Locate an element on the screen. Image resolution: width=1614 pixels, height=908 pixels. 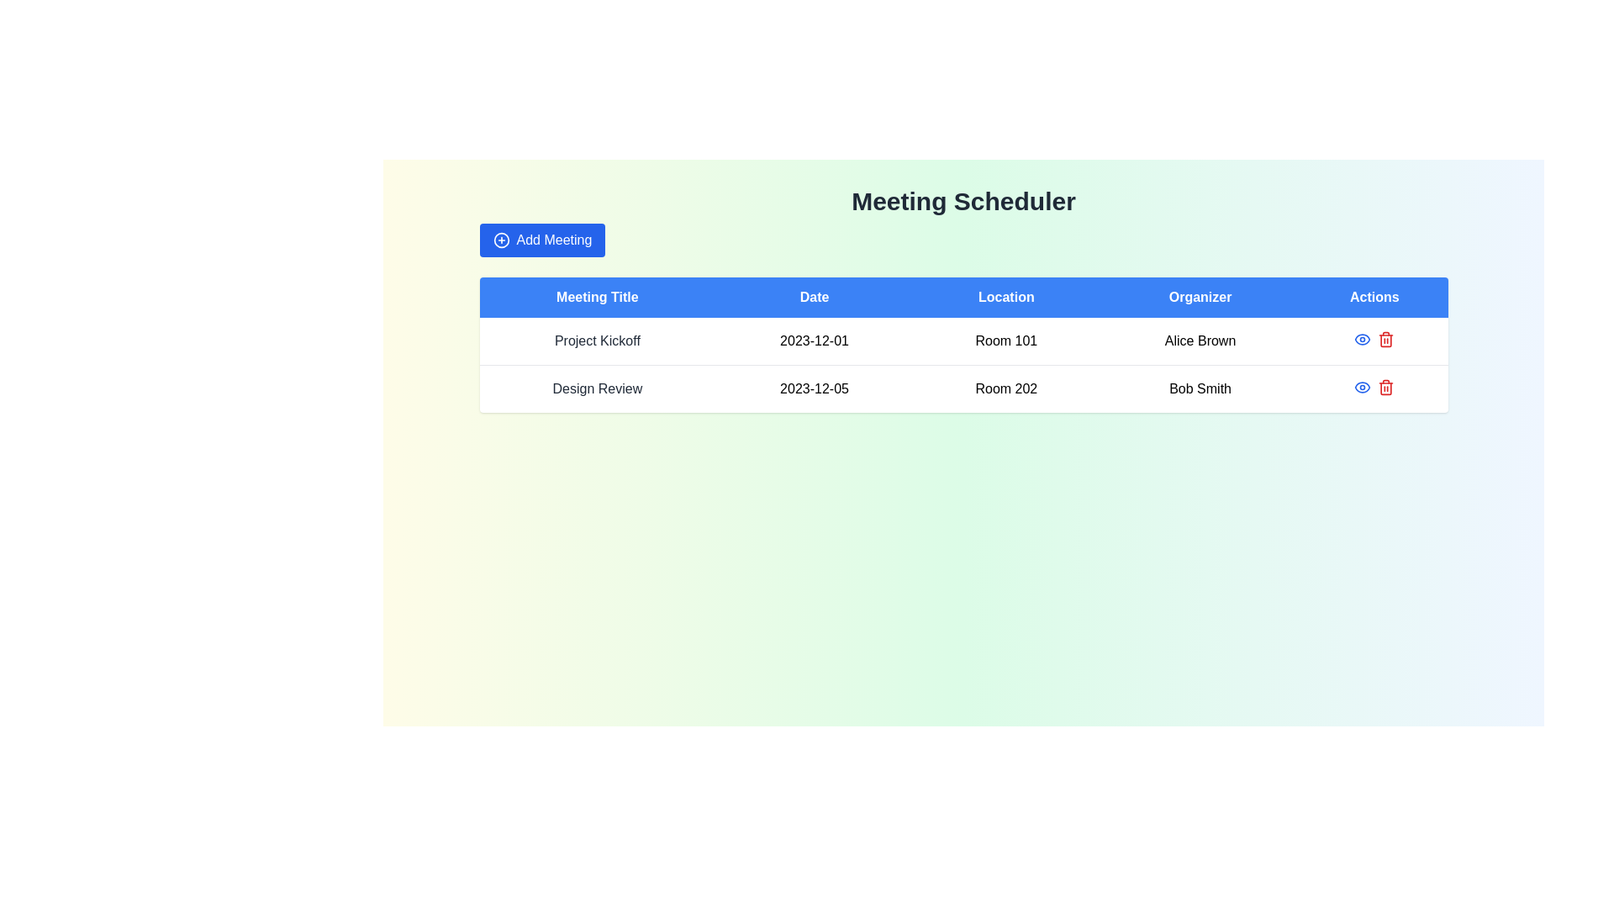
the blue rectangular button labeled 'Location', which is the third header item in the table layout, positioned between 'Date' and 'Organizer' is located at coordinates (1006, 297).